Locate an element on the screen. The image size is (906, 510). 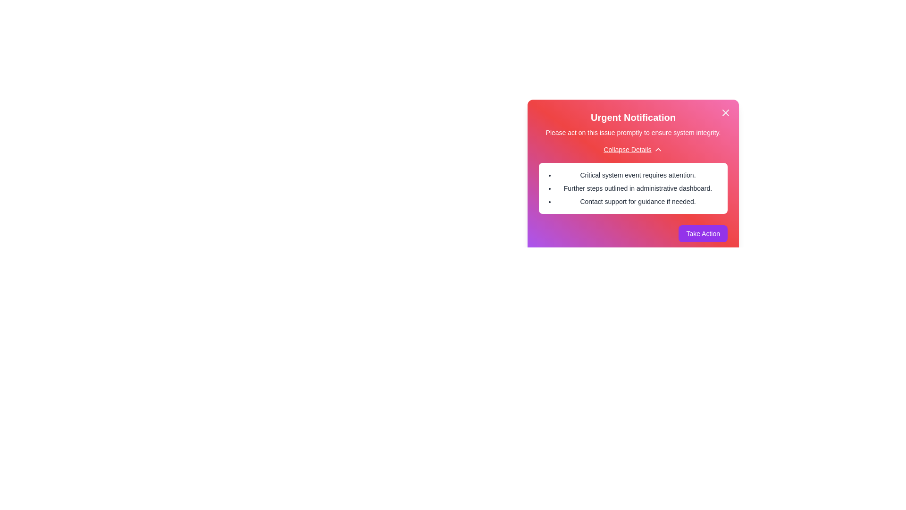
'Take Action' button to proceed is located at coordinates (703, 233).